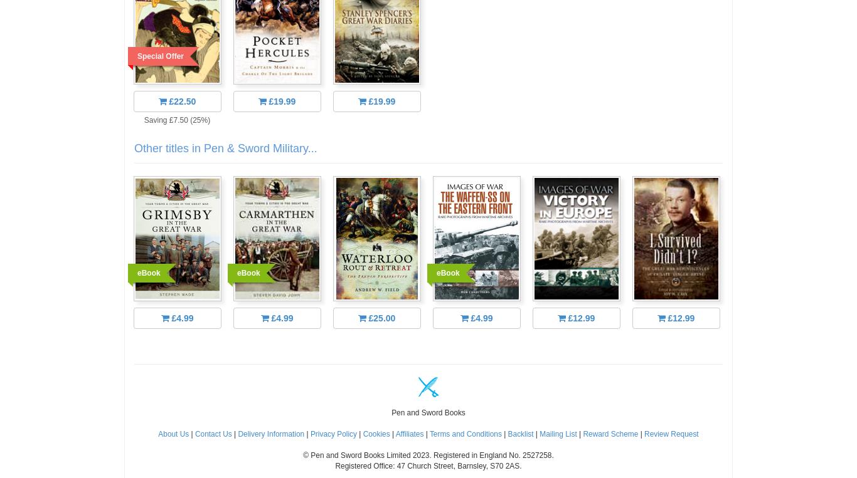  Describe the element at coordinates (134, 147) in the screenshot. I see `'Other titles in Pen & Sword Military...'` at that location.